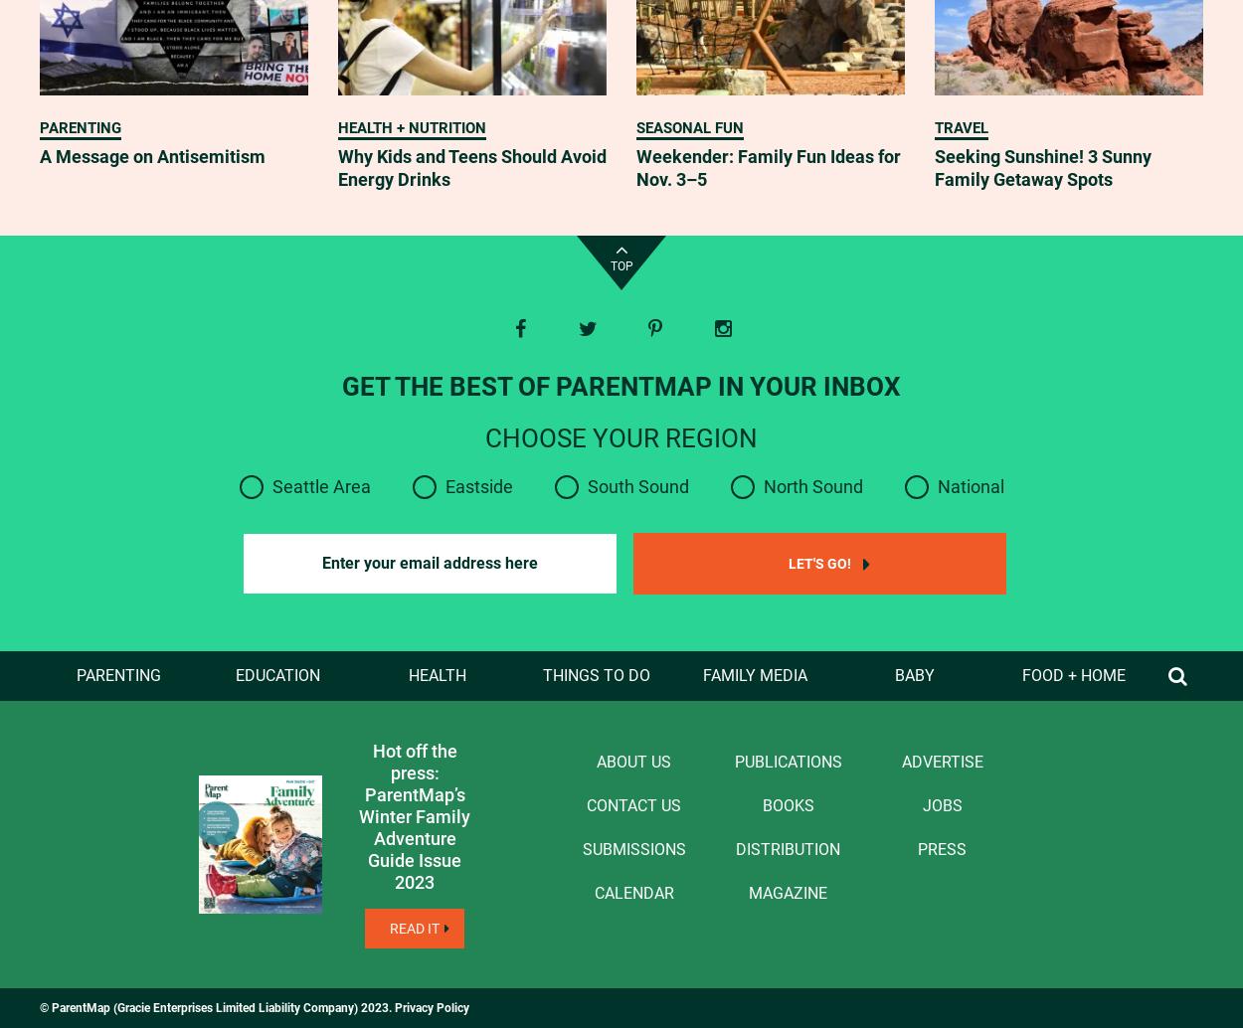 Image resolution: width=1243 pixels, height=1028 pixels. Describe the element at coordinates (788, 761) in the screenshot. I see `'Publications'` at that location.